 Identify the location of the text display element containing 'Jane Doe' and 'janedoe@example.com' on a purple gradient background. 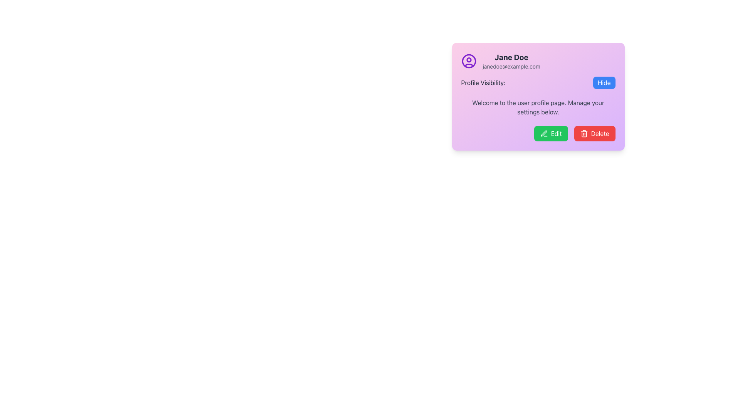
(511, 60).